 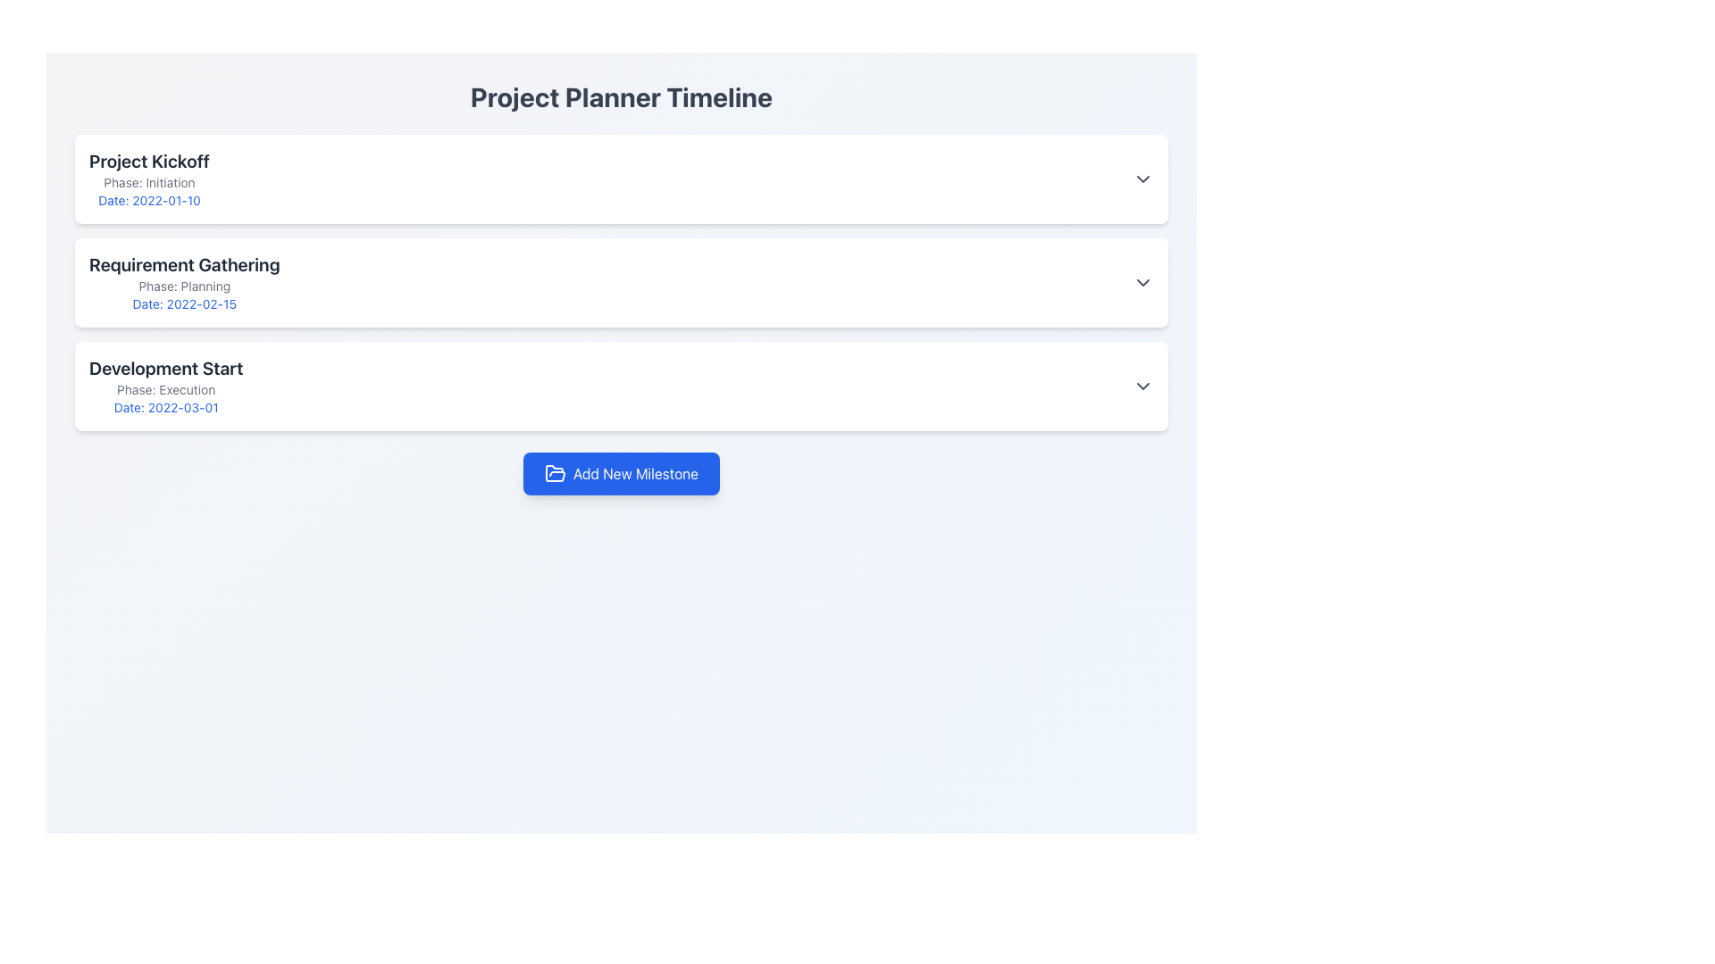 What do you see at coordinates (1143, 281) in the screenshot?
I see `the toggle button located at the far-right end of the 'Requirement Gathering' section, next to 'Phase: Planning' and 'Date: 2022-02-15'` at bounding box center [1143, 281].